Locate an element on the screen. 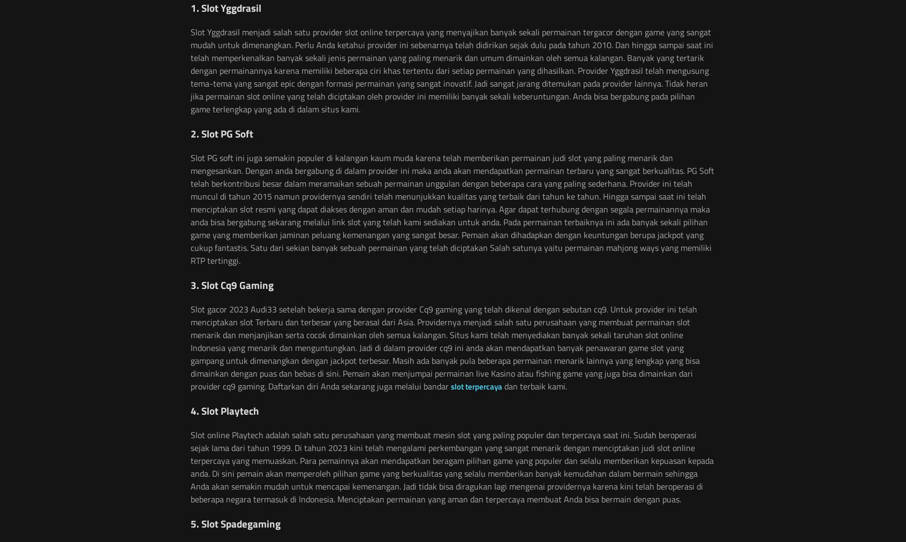  '5. Slot Spadegaming' is located at coordinates (235, 523).